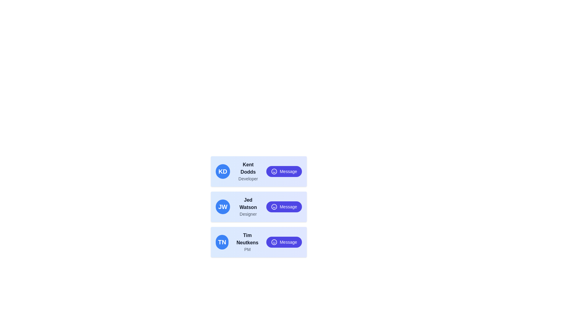 The width and height of the screenshot is (585, 329). What do you see at coordinates (274, 172) in the screenshot?
I see `the outer circle of the smiley face graphical component, which represents an emotion or mood context, located to the left of the 'Message' button` at bounding box center [274, 172].